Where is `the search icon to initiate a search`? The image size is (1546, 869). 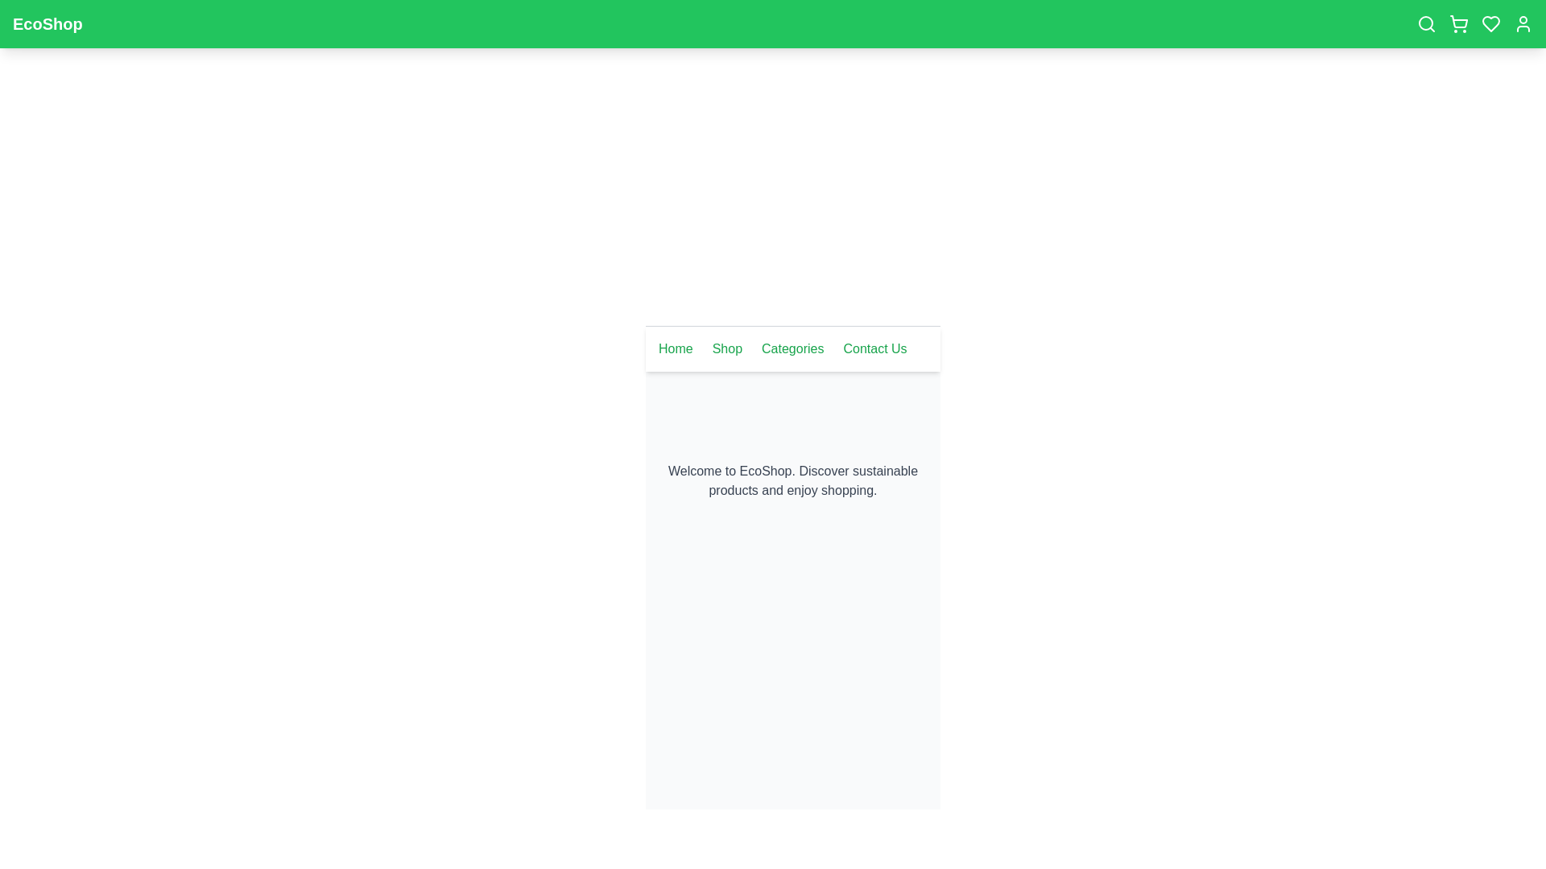
the search icon to initiate a search is located at coordinates (1426, 24).